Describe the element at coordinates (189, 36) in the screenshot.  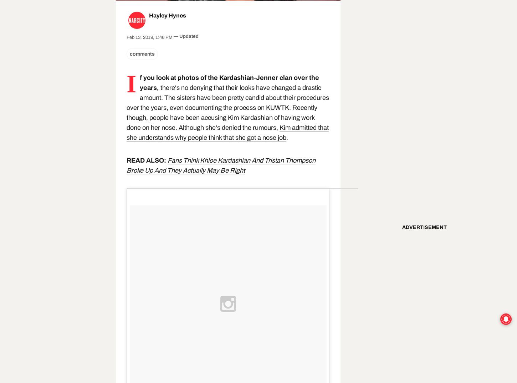
I see `'Updated'` at that location.